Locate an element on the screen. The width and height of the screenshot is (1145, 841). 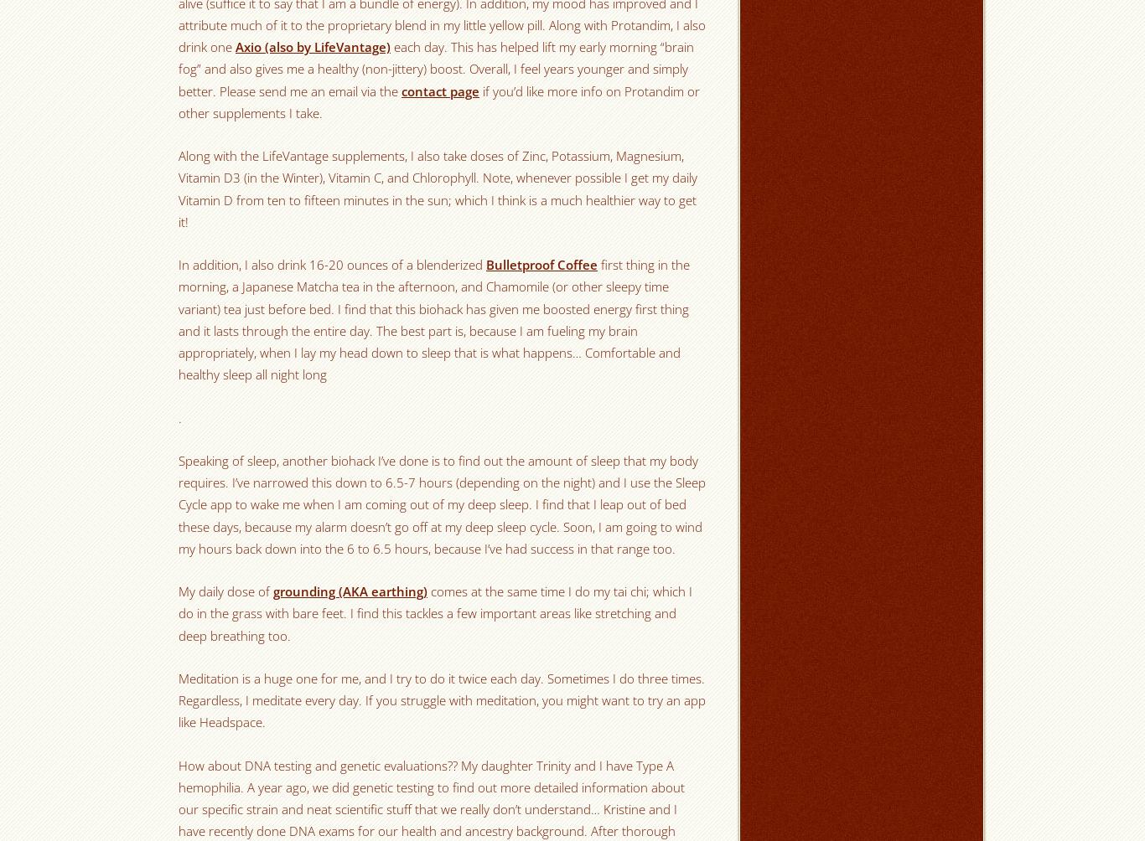
'Speaking of sleep, another biohack I’ve done is to find out the amount of sleep that my body requires. I’ve narrowed this down to 6.5-7 hours (depending on the night) and I use the Sleep Cycle app to wake me when I am coming out of my deep sleep. I find that I leap out of bed these days, because my alarm doesn’t go off at my deep sleep cycle. Soon, I am going to wind my hours back down into the 6 to 6.5 hours, because I’ve had success in that range too.' is located at coordinates (442, 503).